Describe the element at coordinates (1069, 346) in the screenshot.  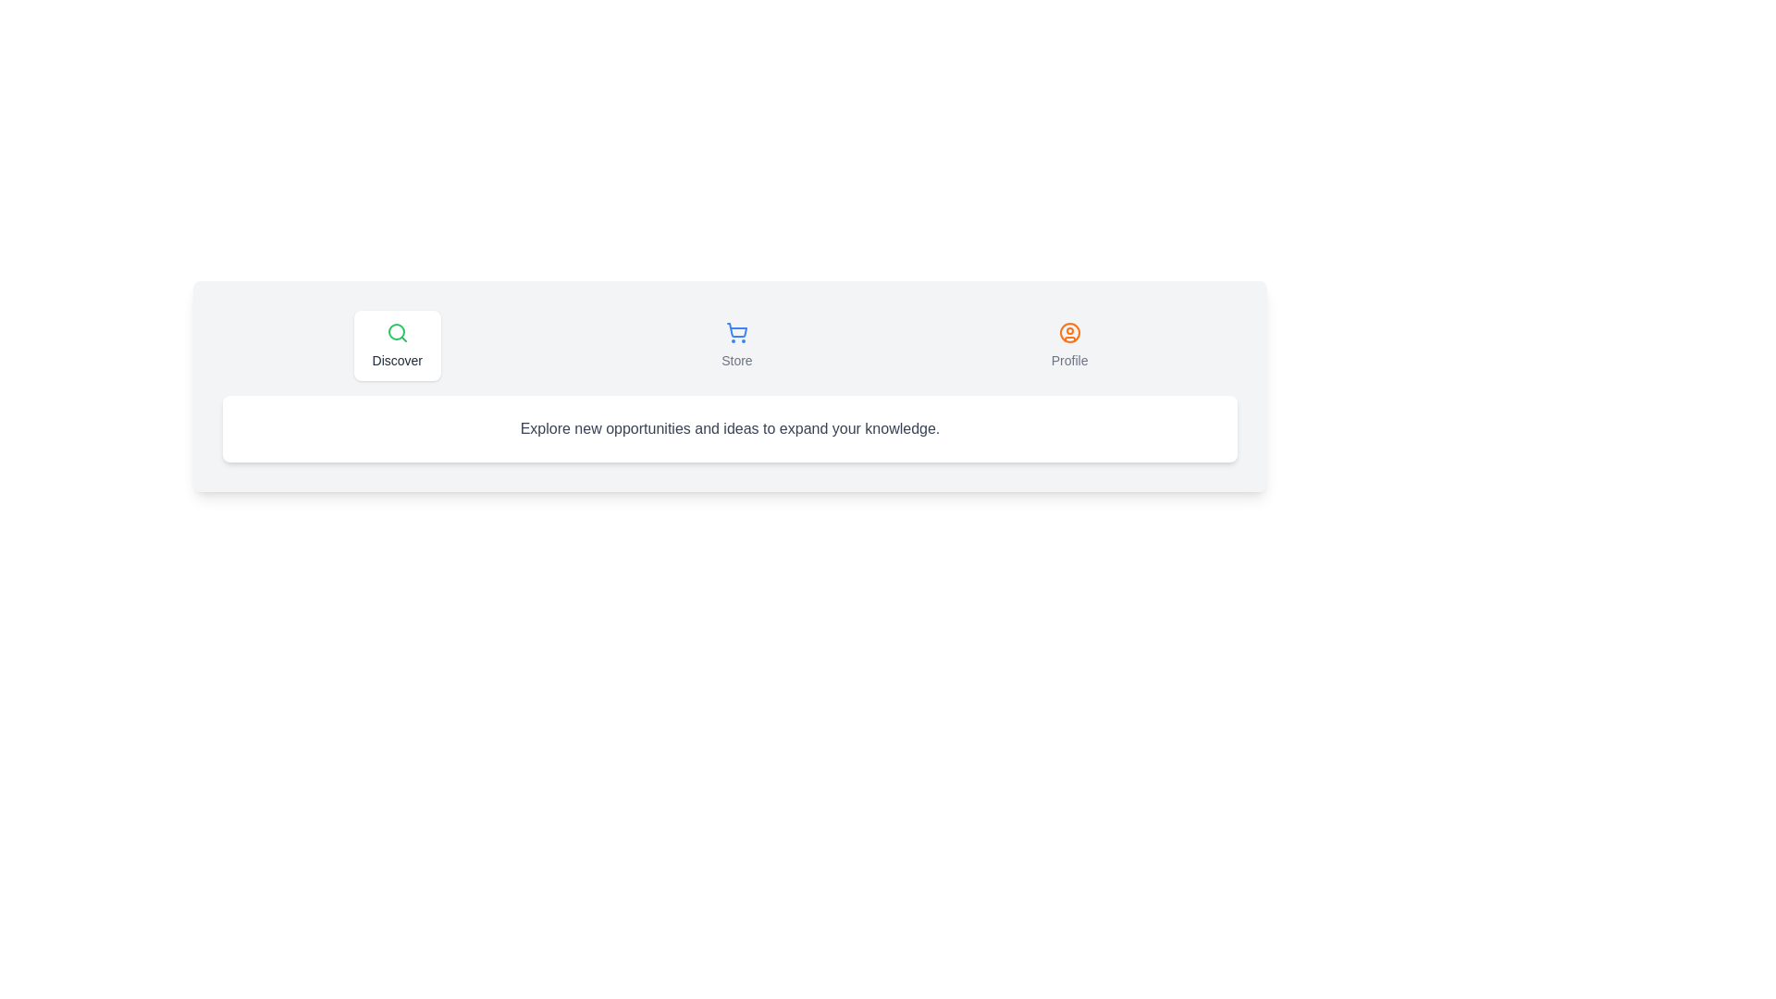
I see `the Profile tab to navigate to its content` at that location.